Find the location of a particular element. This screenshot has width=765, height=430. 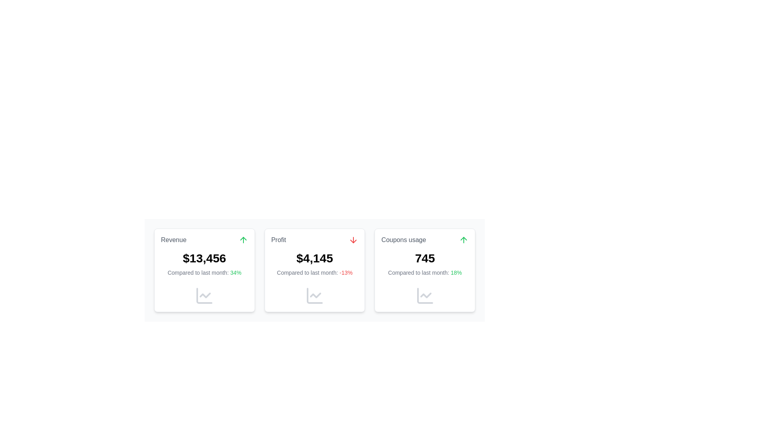

the green upward-pointing arrow icon located in the top-right corner of the 'Revenue' card, which indicates a positive increase in revenue is located at coordinates (243, 239).